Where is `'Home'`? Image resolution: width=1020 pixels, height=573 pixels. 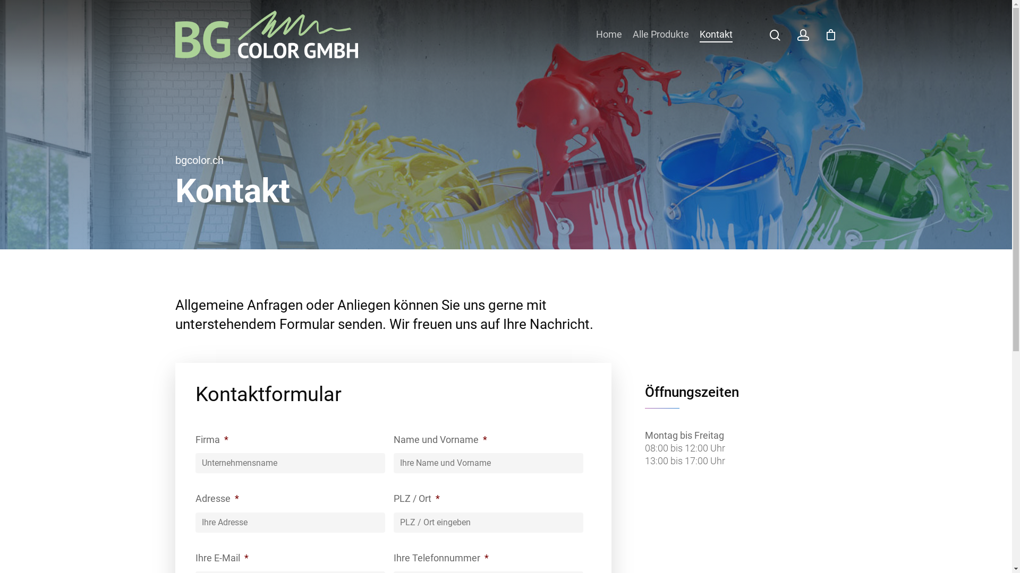 'Home' is located at coordinates (609, 34).